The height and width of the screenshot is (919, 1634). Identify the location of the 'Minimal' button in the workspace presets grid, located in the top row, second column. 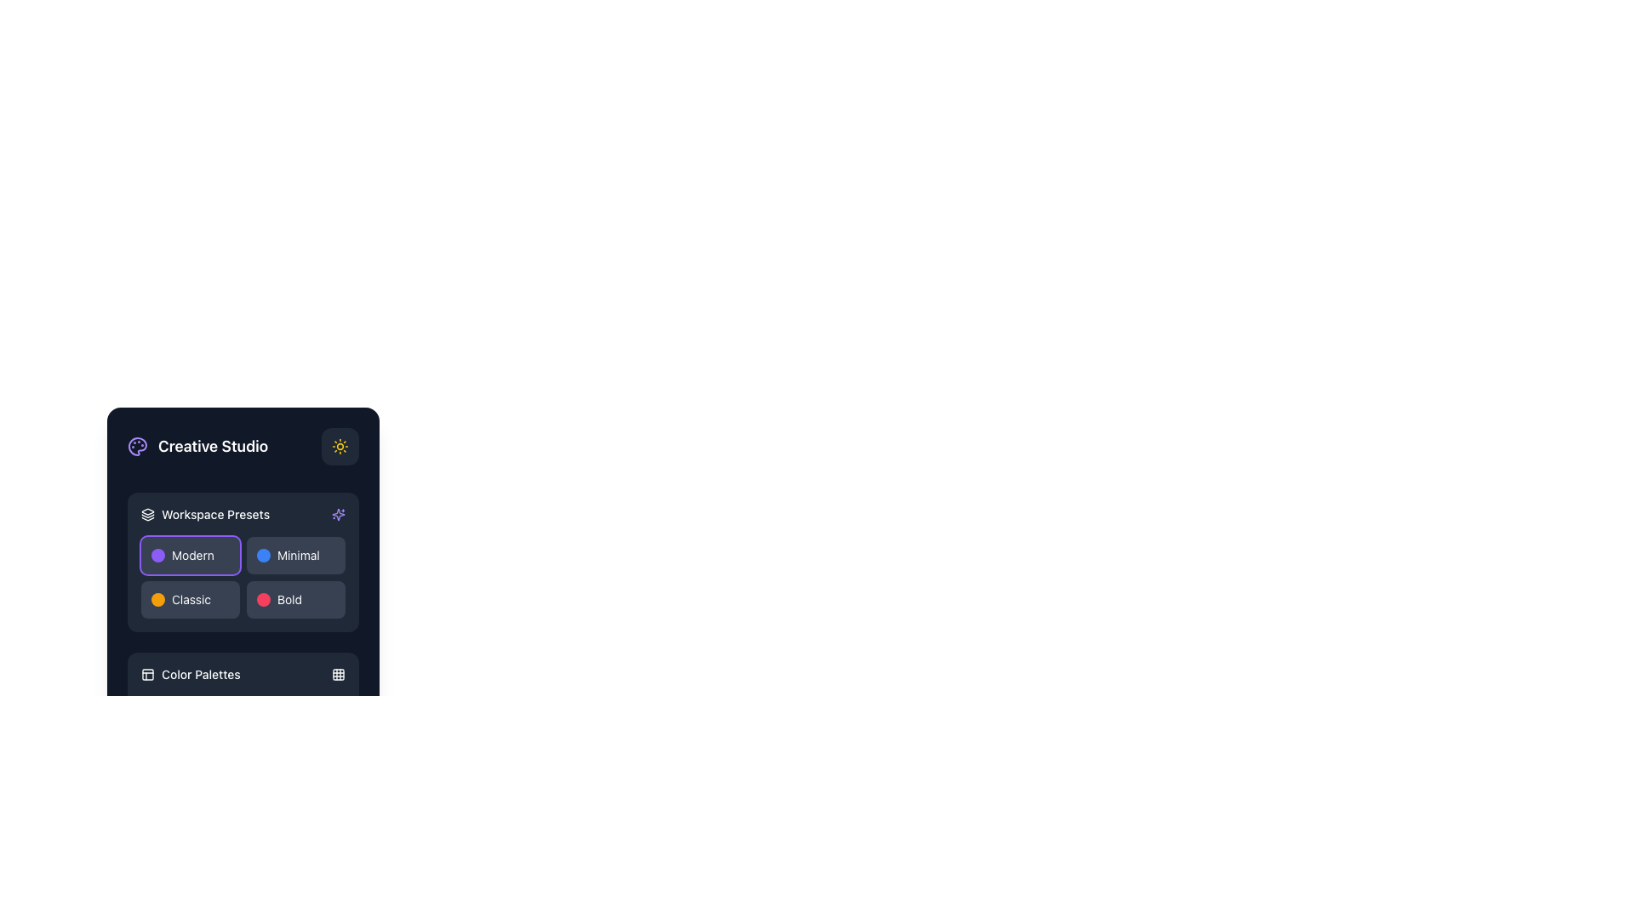
(295, 555).